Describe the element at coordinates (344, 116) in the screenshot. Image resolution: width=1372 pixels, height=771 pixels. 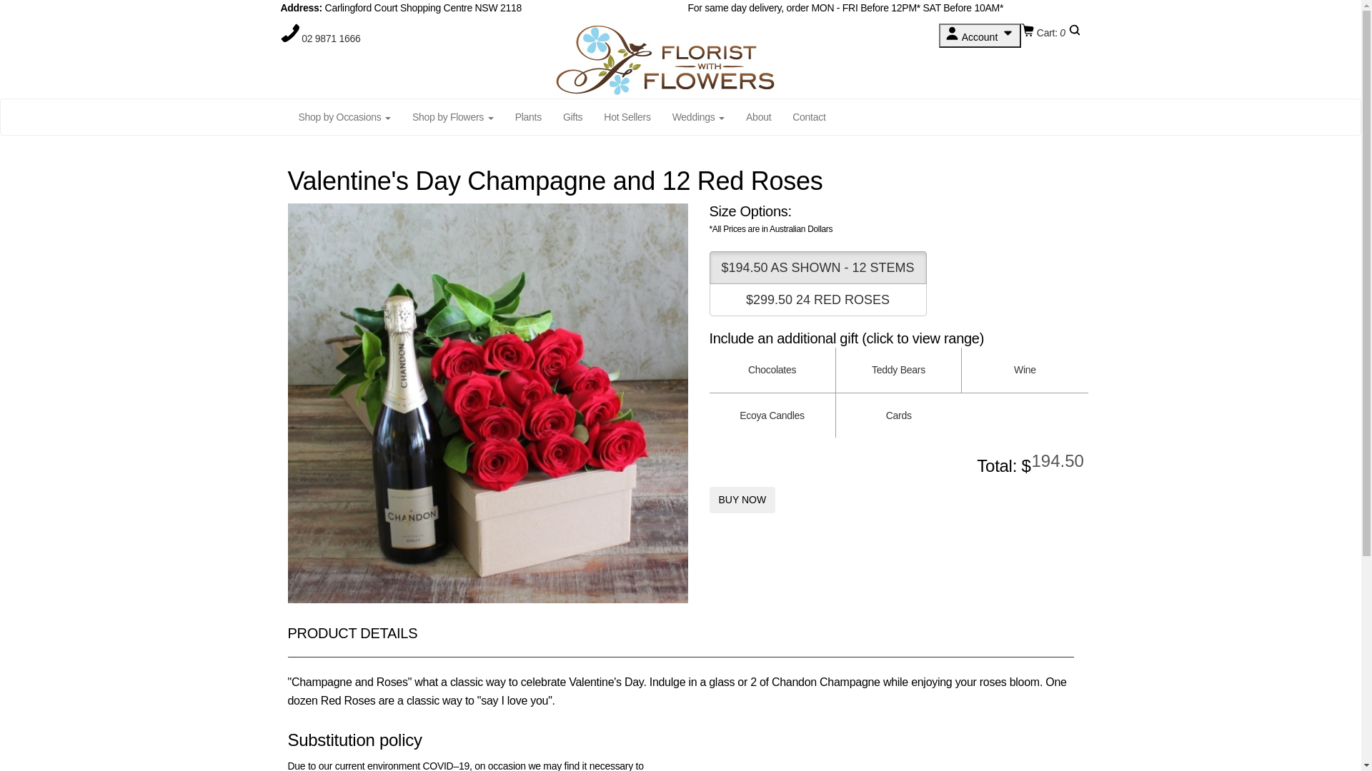
I see `'Shop by Occasions'` at that location.